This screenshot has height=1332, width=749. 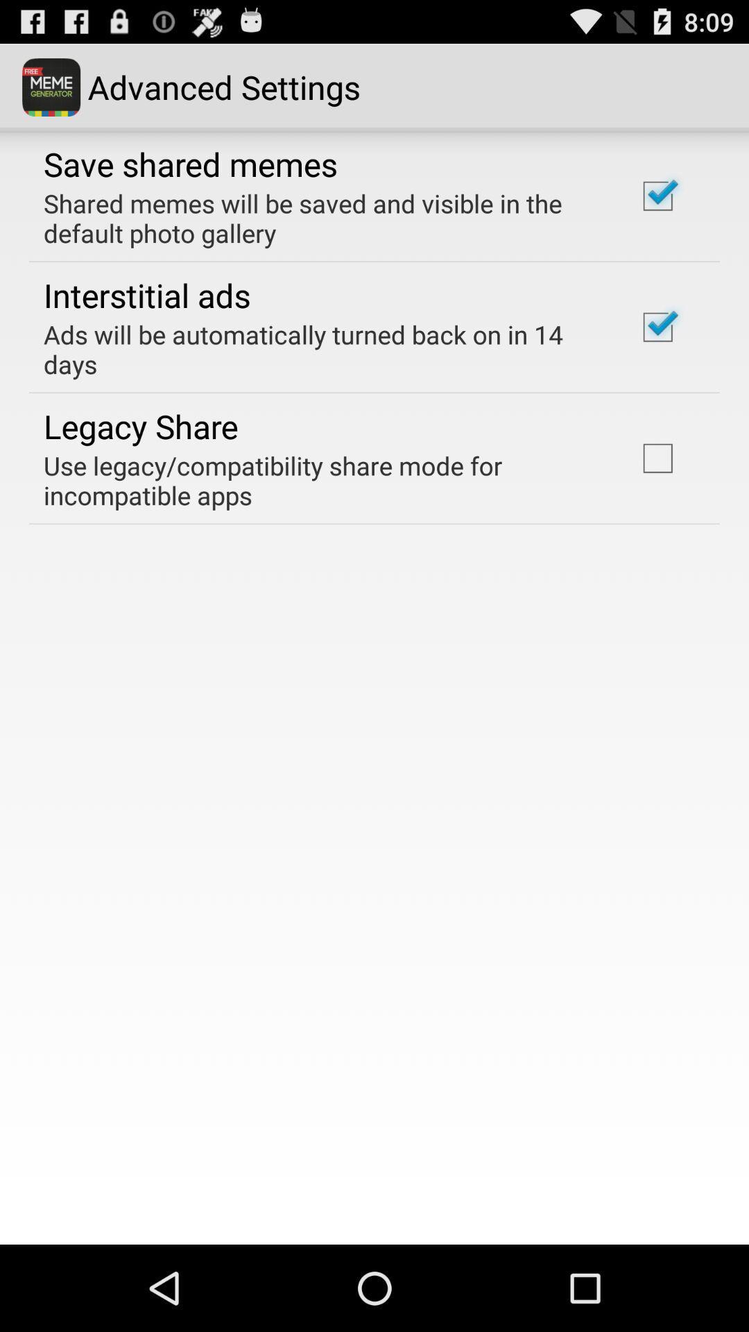 I want to click on item below shared memes will app, so click(x=147, y=294).